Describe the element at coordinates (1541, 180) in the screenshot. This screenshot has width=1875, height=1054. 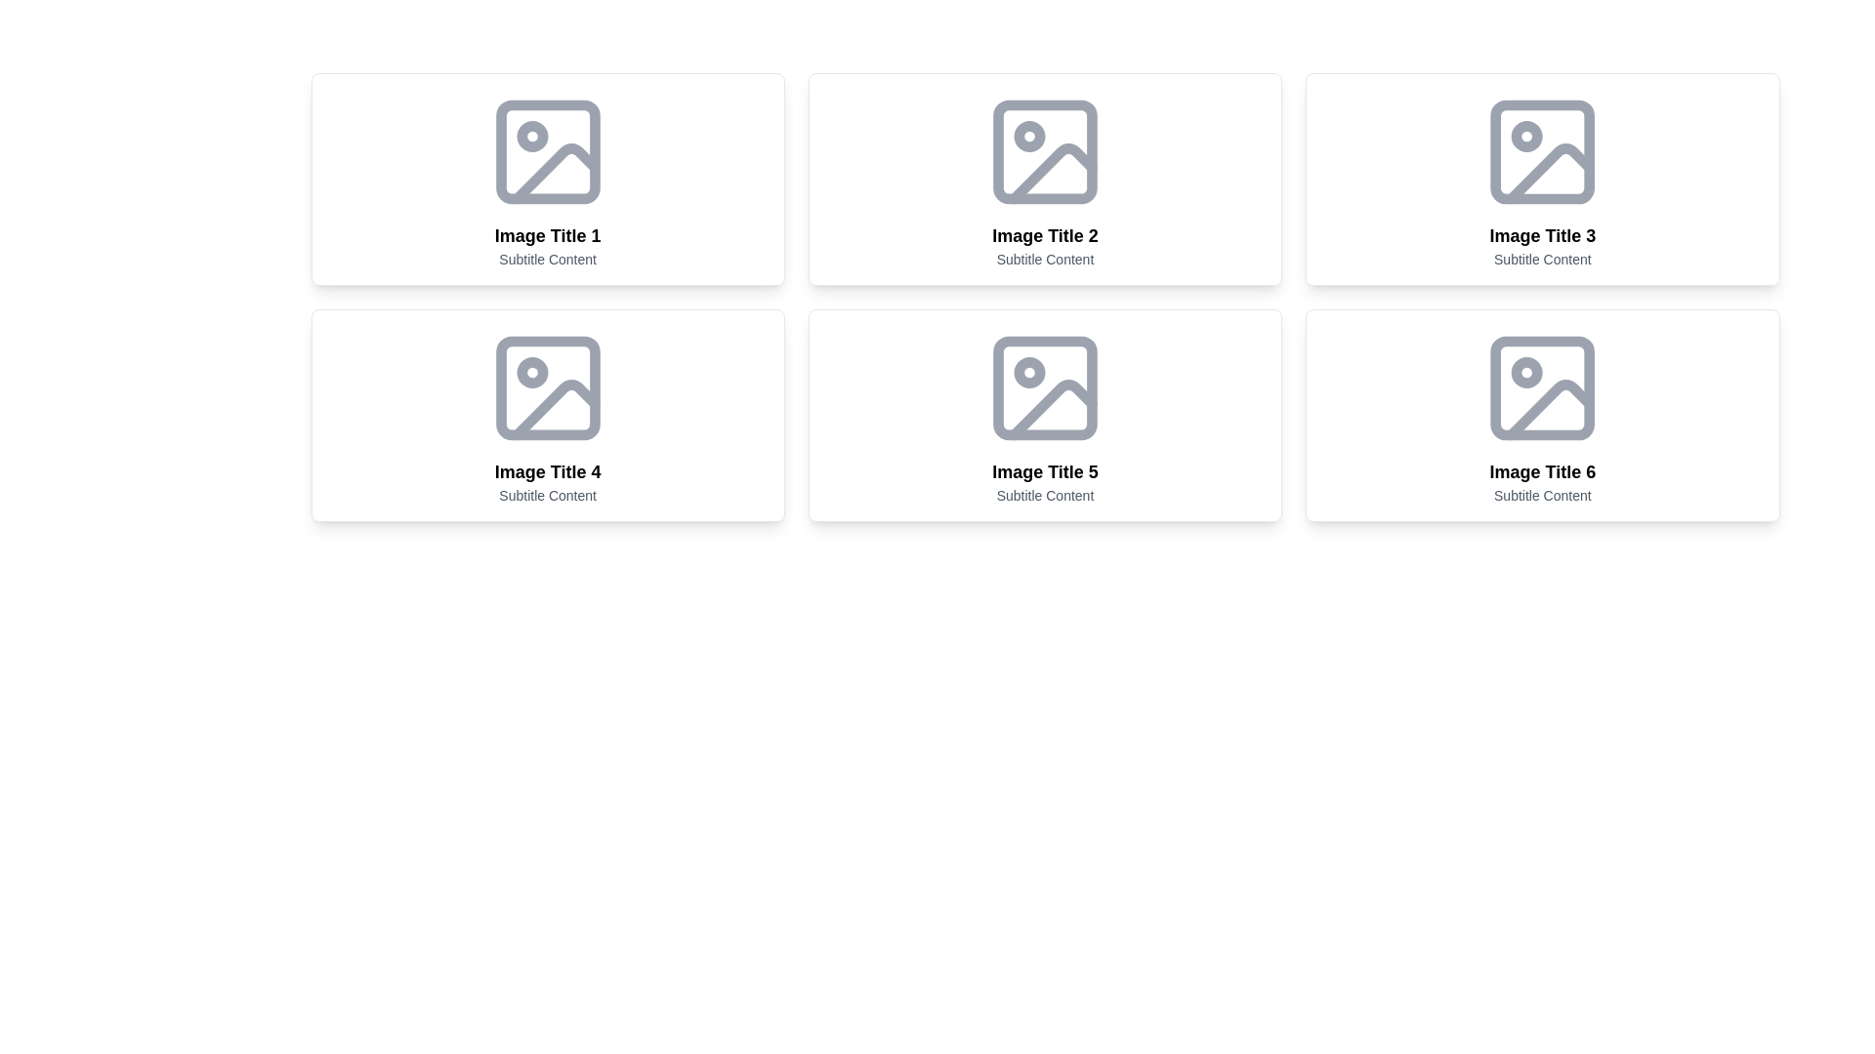
I see `the Card element located in the third column of the first row of the grid layout, which serves as a visual representation of content, positioned to the right of 'Image Title 2' and above 'Image Title 6'` at that location.